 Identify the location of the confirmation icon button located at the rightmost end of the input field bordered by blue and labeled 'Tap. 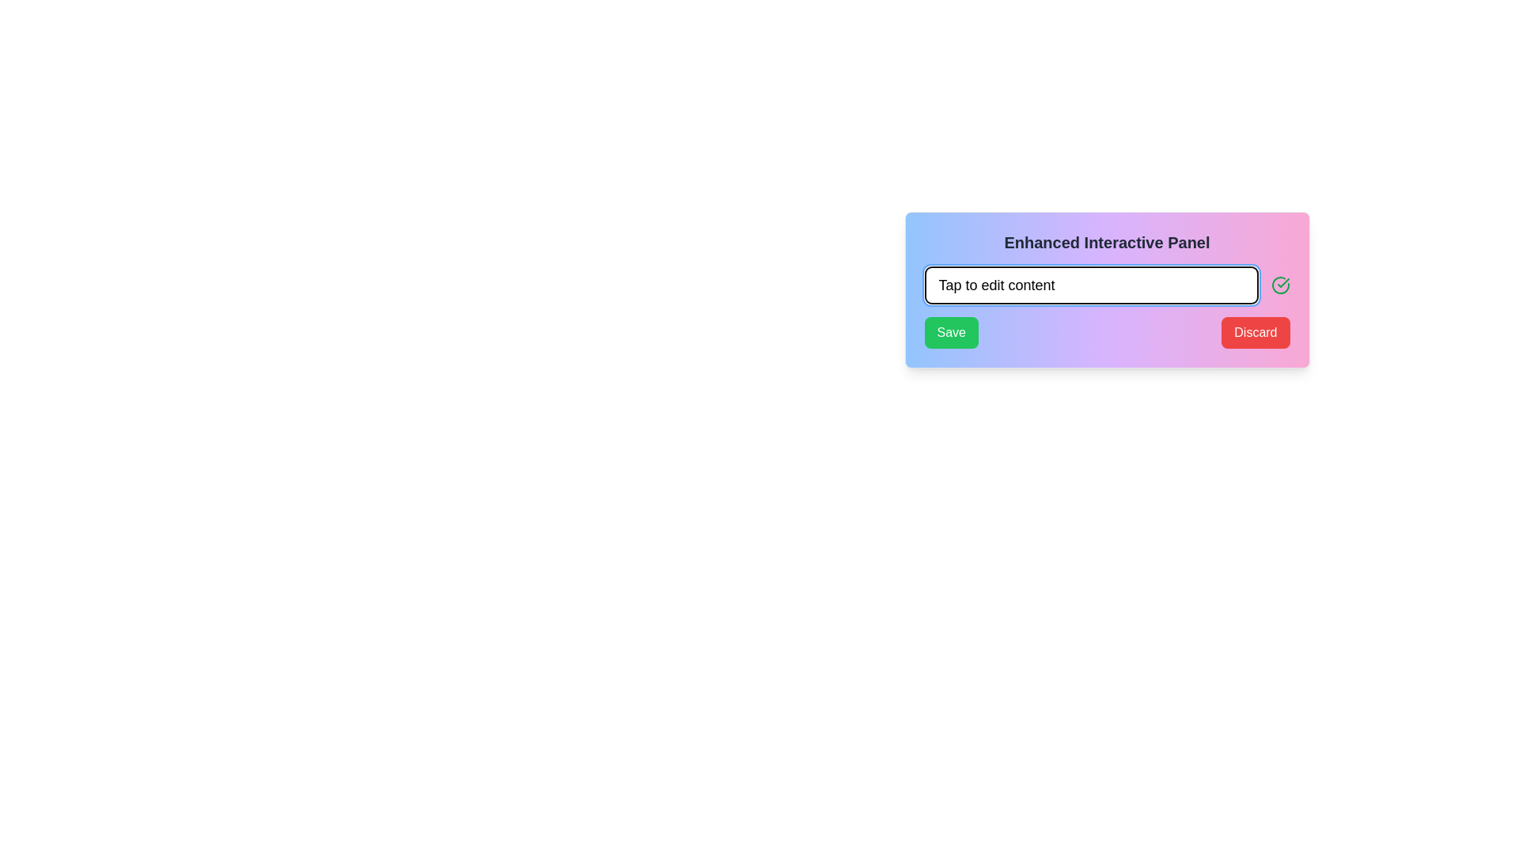
(1280, 285).